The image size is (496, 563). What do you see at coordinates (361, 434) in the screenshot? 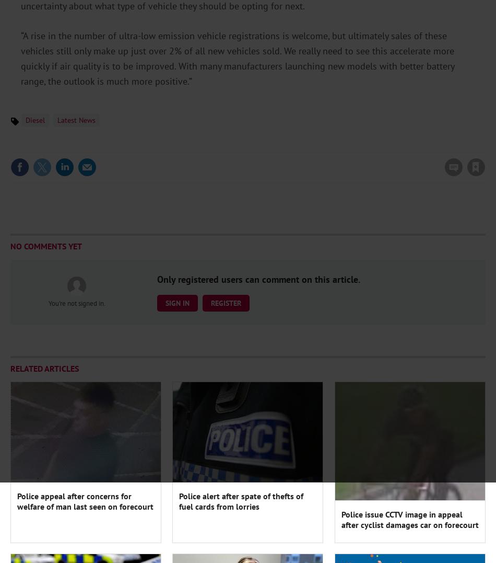
I see `'Understanding forecourt shopper missions'` at bounding box center [361, 434].